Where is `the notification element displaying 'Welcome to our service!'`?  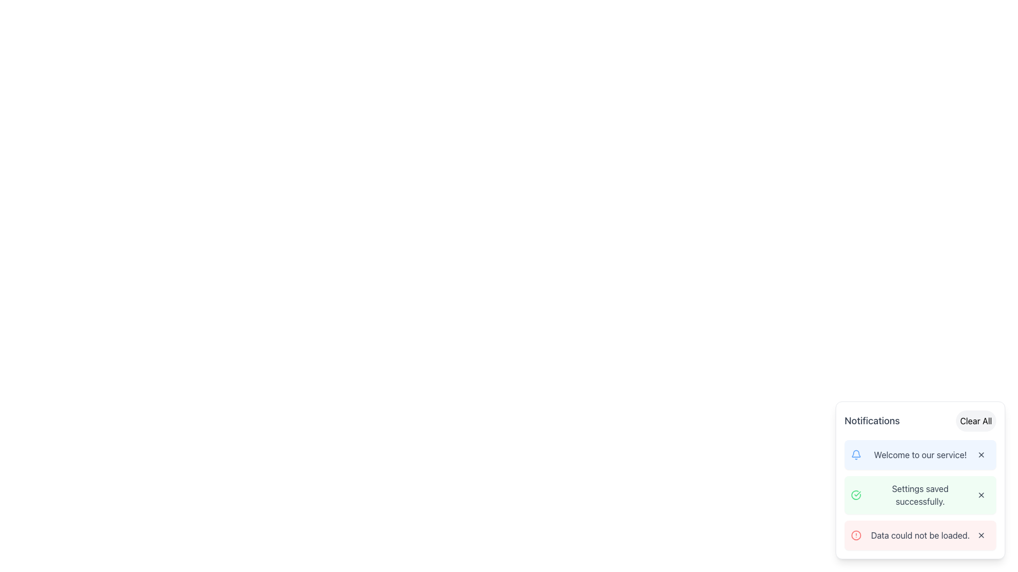 the notification element displaying 'Welcome to our service!' is located at coordinates (920, 454).